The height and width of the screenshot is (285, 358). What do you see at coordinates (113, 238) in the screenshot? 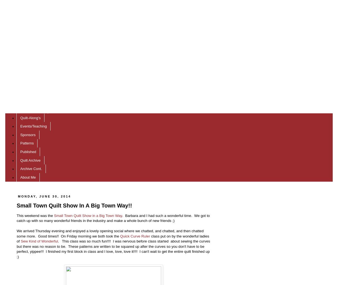
I see `'class put on by the wonderful ladies of'` at bounding box center [113, 238].